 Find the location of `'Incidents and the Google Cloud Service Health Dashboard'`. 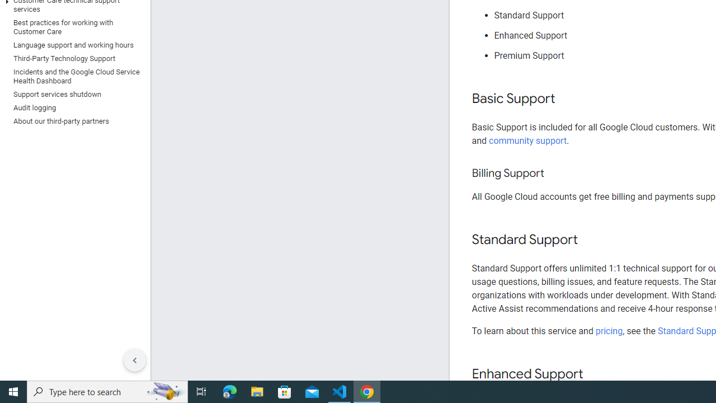

'Incidents and the Google Cloud Service Health Dashboard' is located at coordinates (72, 76).